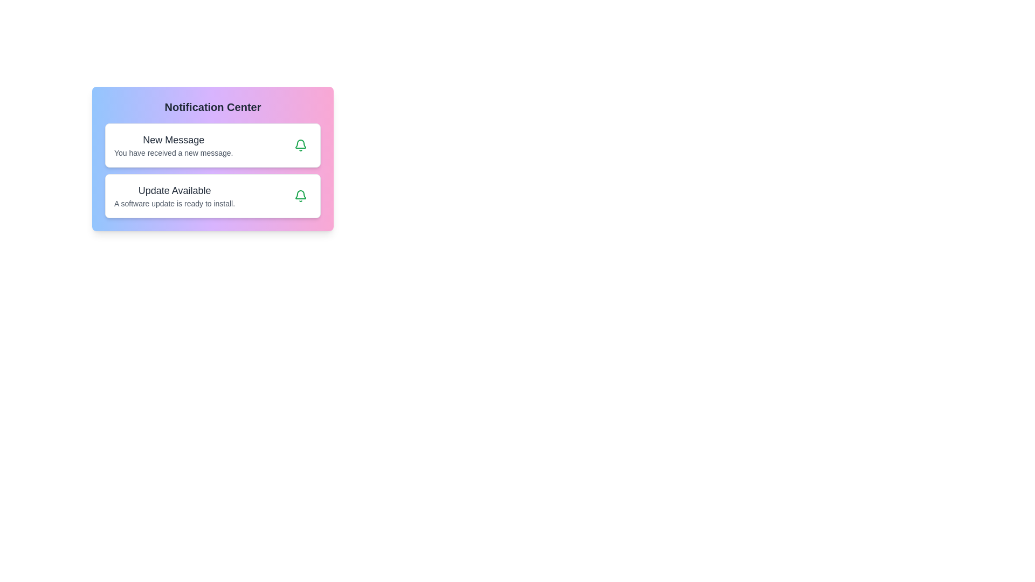 The image size is (1035, 582). Describe the element at coordinates (300, 145) in the screenshot. I see `the bell icon in the notification center` at that location.